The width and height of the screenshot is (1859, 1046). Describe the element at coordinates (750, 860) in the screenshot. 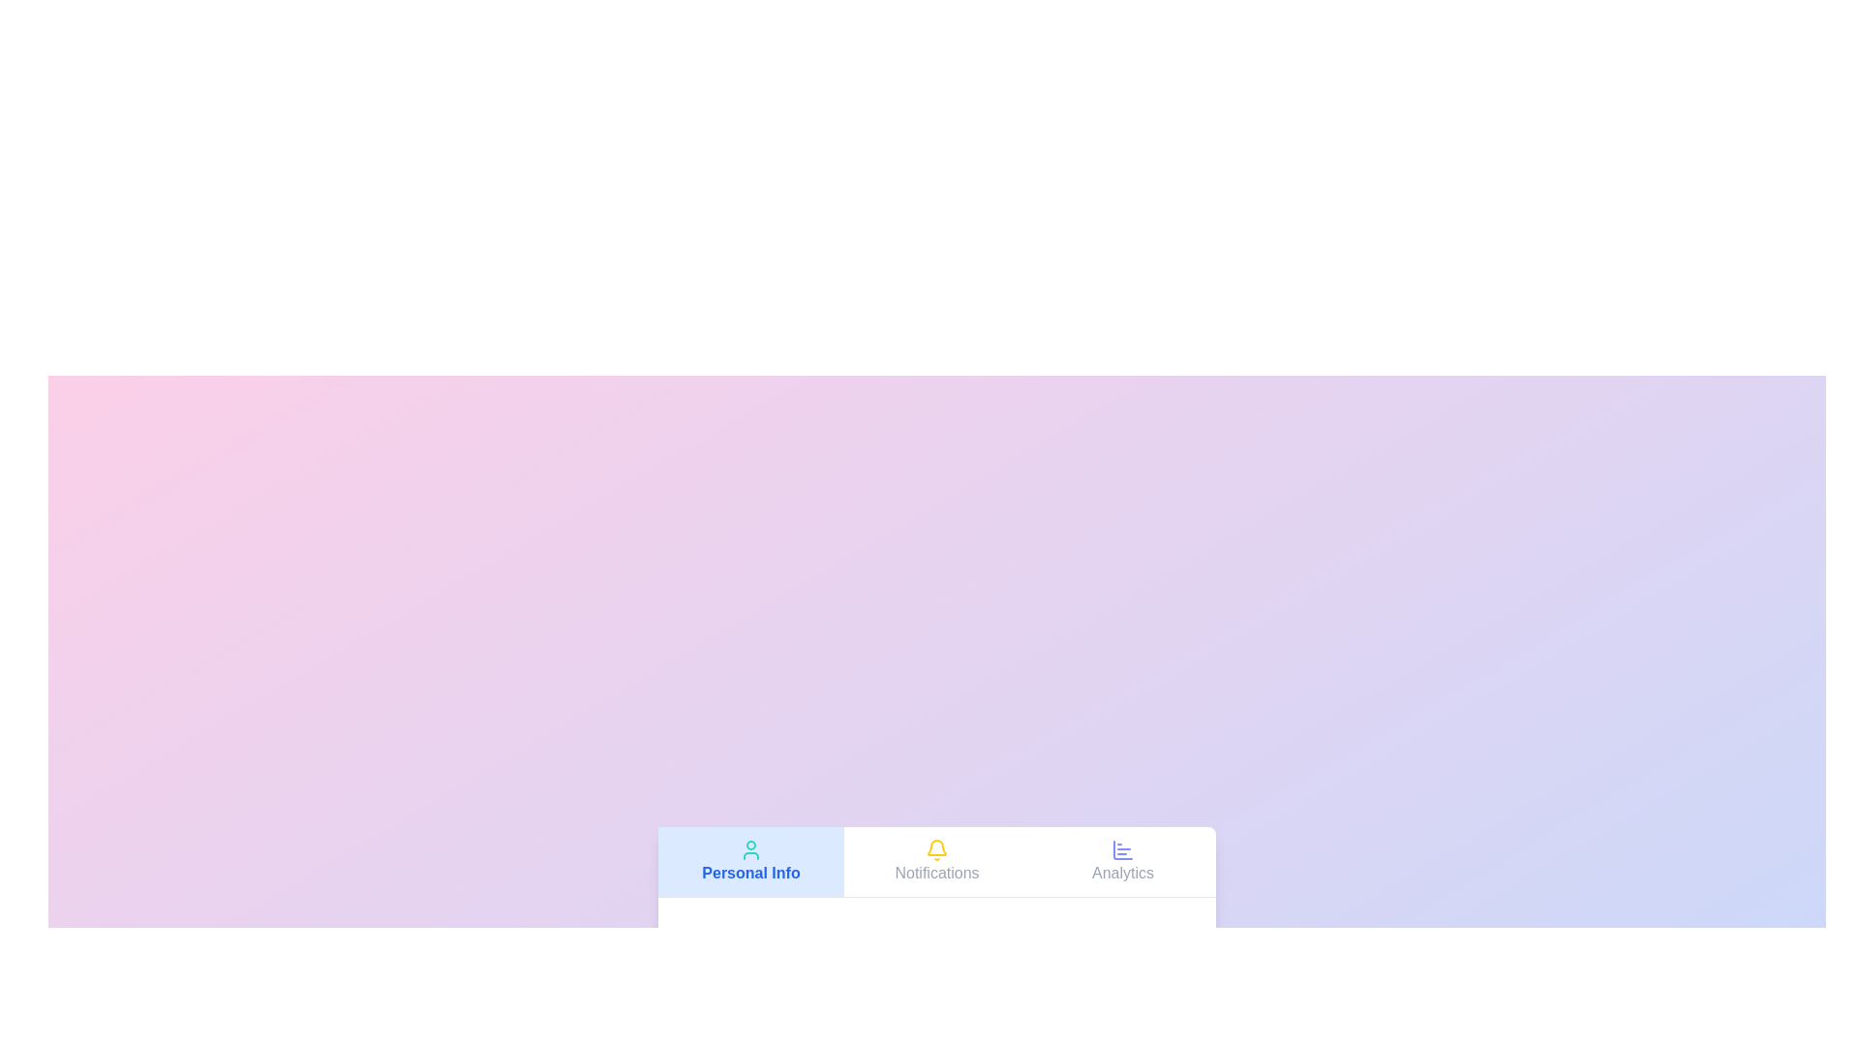

I see `the tab corresponding to Personal Info` at that location.